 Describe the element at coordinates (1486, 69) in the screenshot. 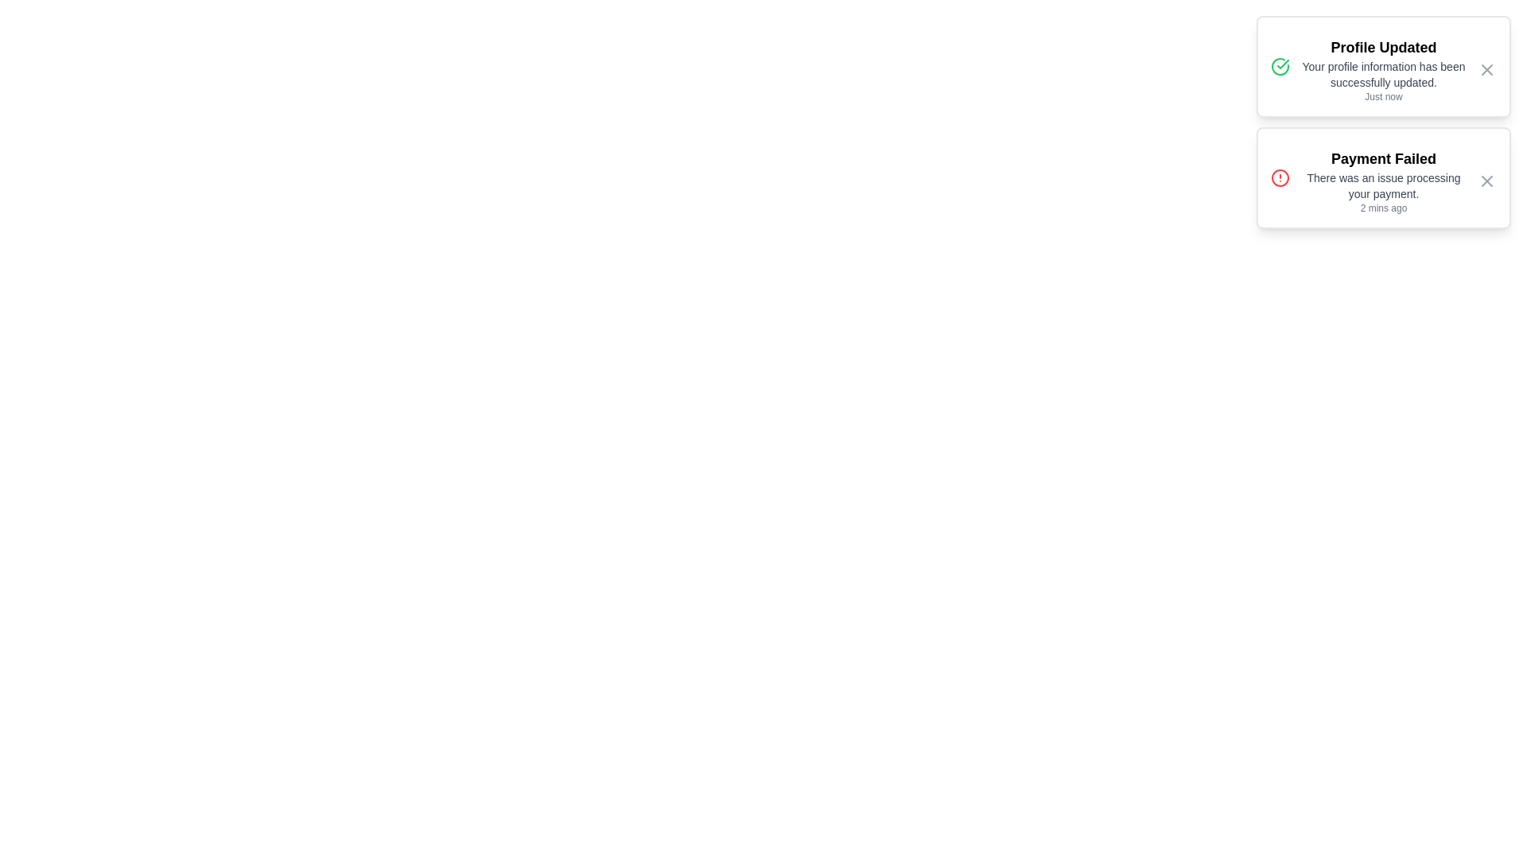

I see `the close button of the notification to dismiss it` at that location.